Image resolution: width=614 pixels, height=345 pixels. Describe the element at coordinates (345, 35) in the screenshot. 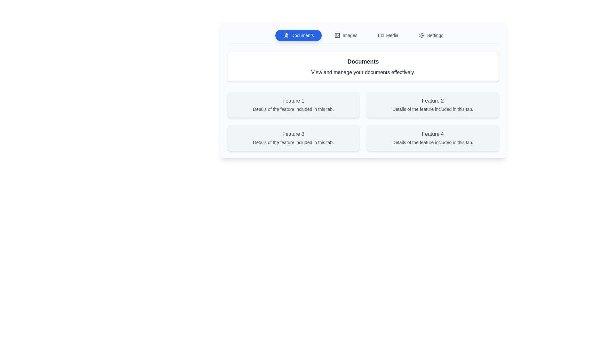

I see `the 'Images' button in the navigation menu for keyboard navigation` at that location.